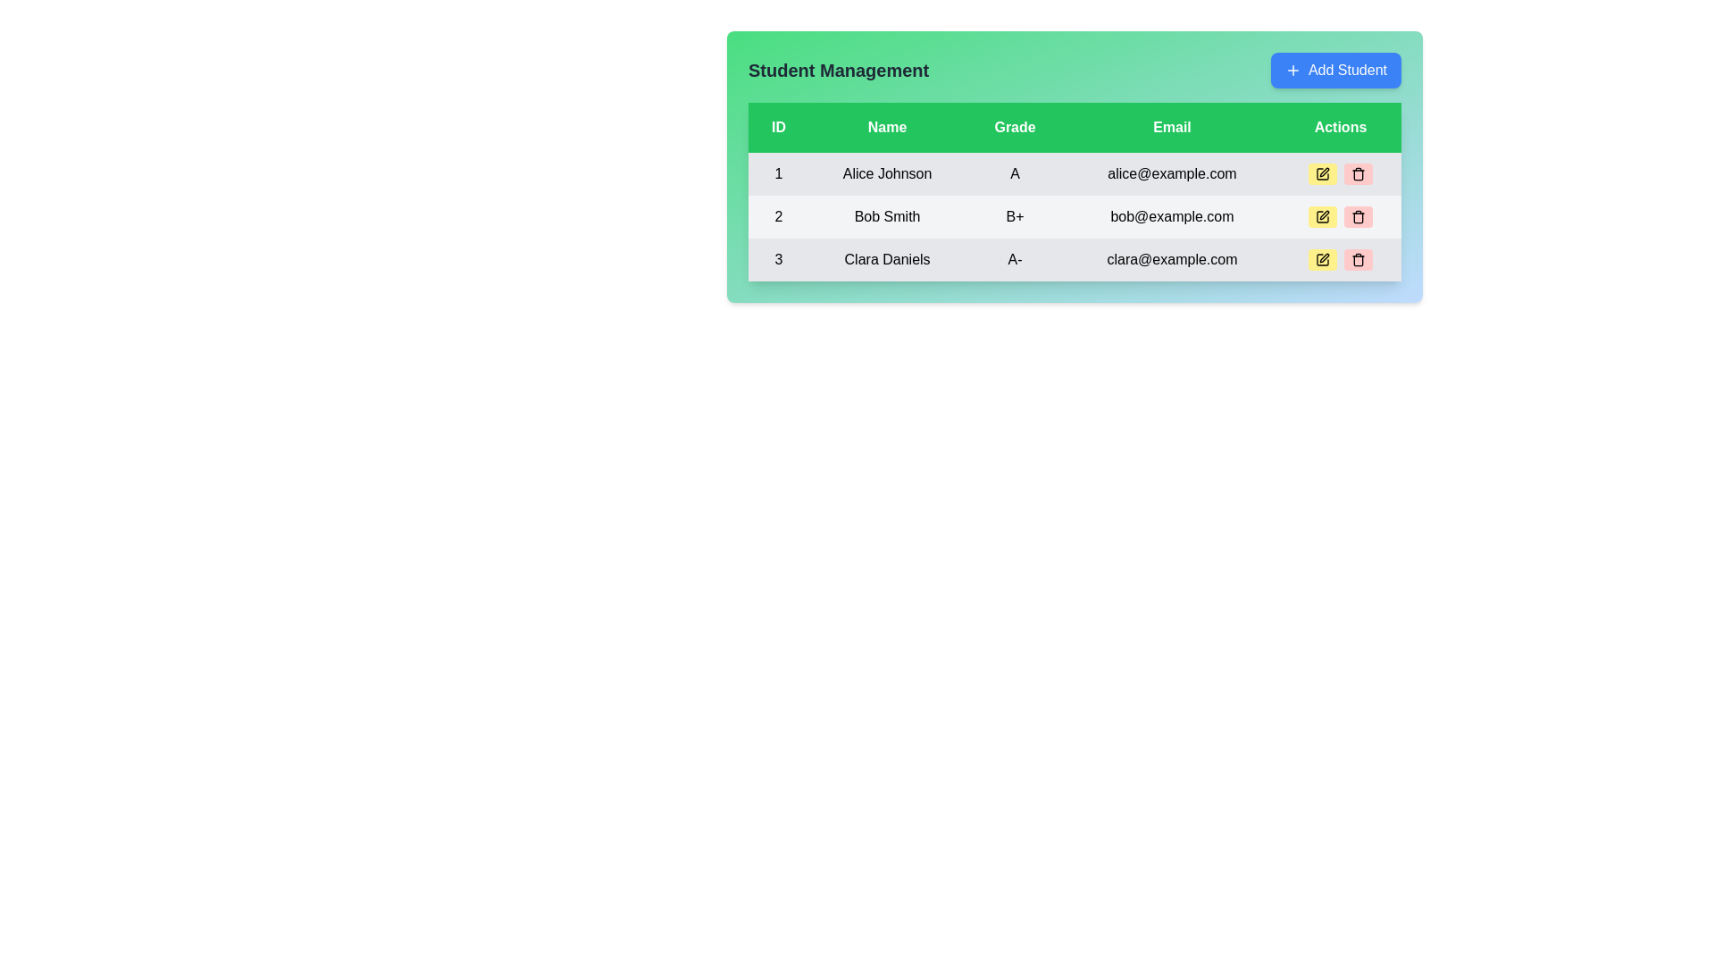 This screenshot has width=1715, height=965. Describe the element at coordinates (1322, 259) in the screenshot. I see `the small yellow button with rounded corners and a pen icon located on the right side of the student data table under the 'Actions' column for the row corresponding to 'Clara Daniels'` at that location.